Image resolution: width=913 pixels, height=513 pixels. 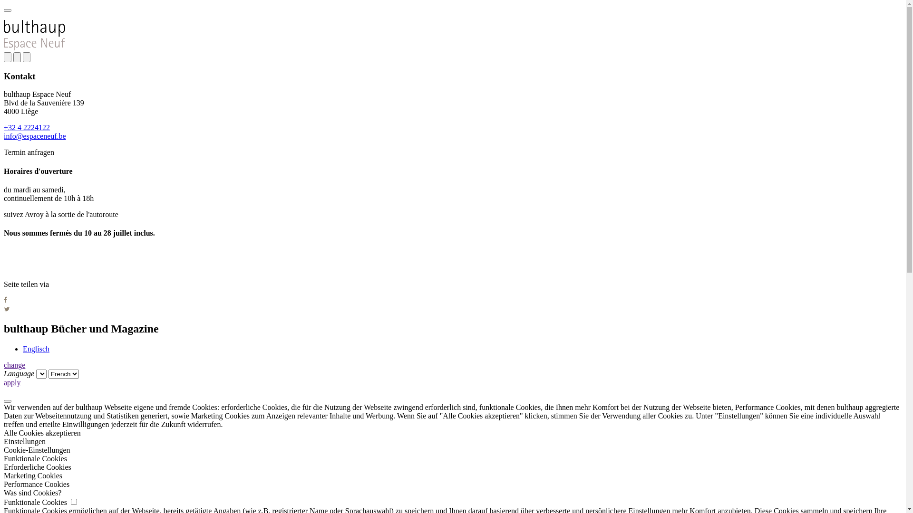 I want to click on 'Auf Facebook teilen', so click(x=4, y=300).